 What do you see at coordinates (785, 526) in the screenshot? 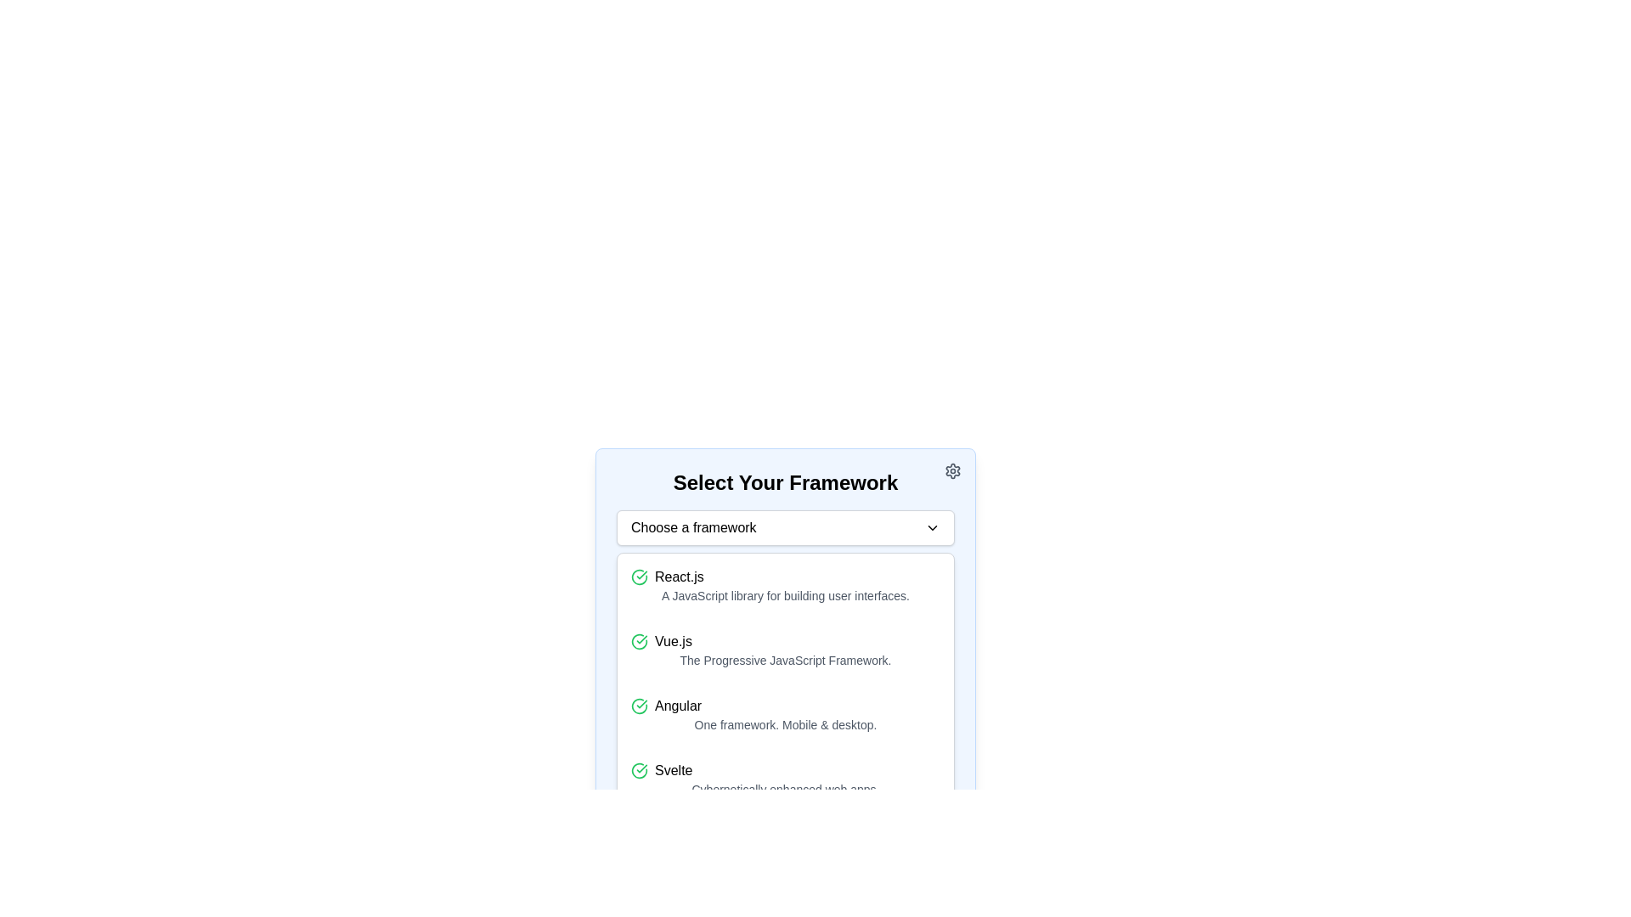
I see `the dropdown menu for selecting a framework located below the title 'Select Your Framework'` at bounding box center [785, 526].